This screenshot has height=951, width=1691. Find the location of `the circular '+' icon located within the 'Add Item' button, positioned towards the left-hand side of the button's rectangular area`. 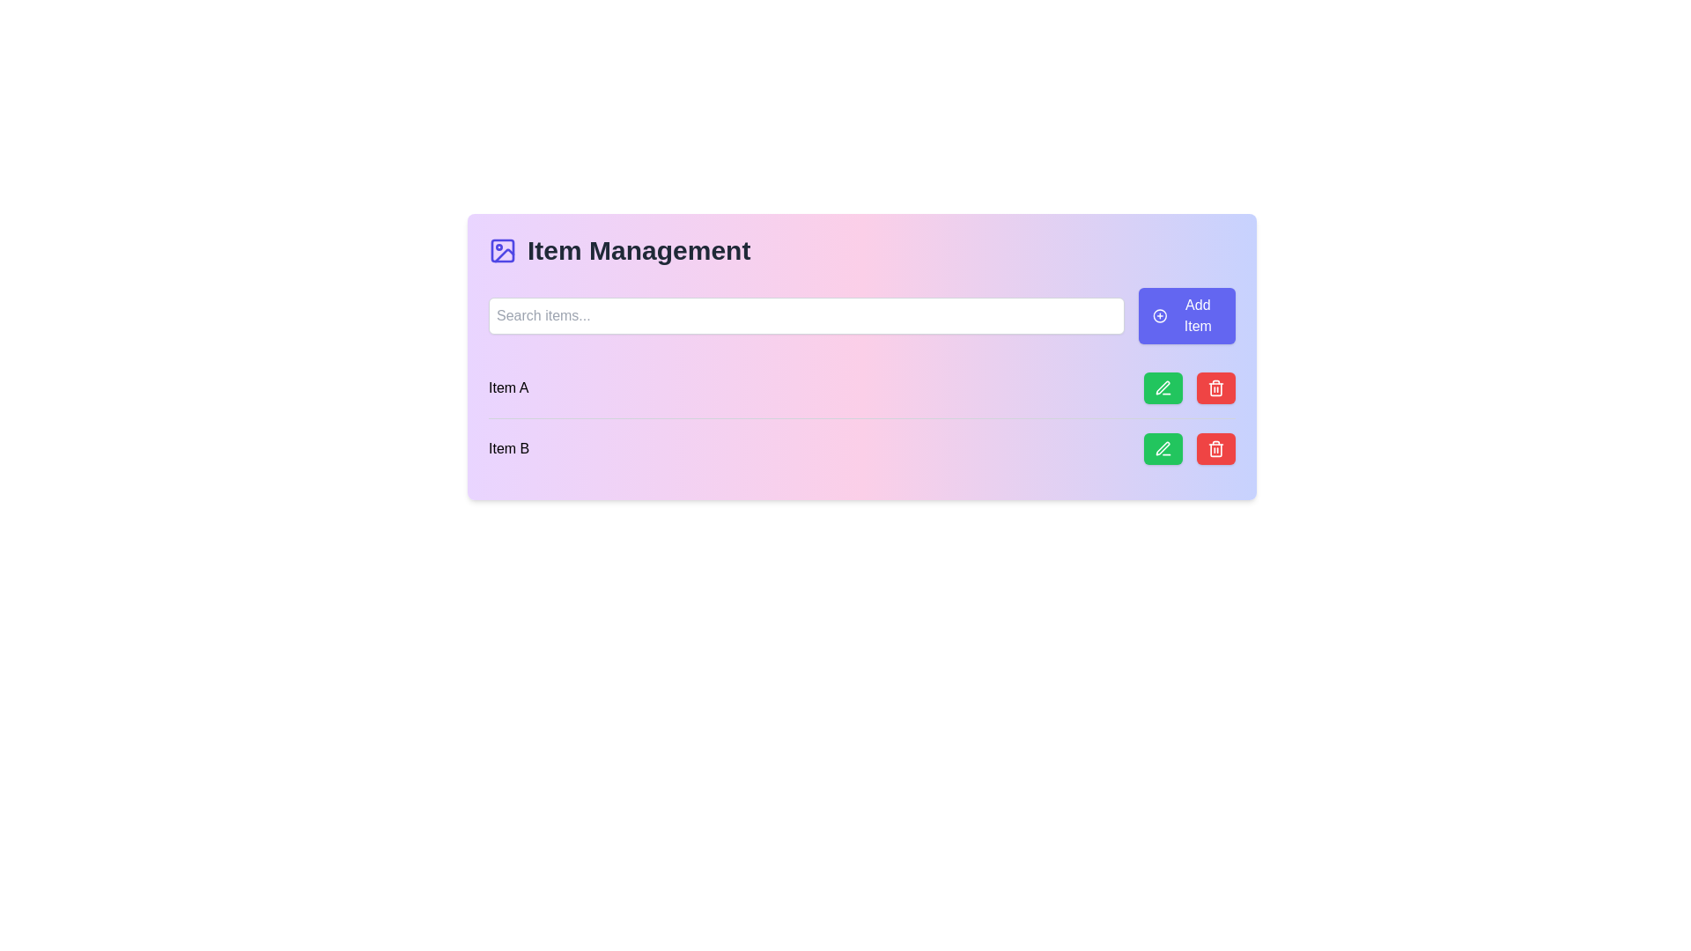

the circular '+' icon located within the 'Add Item' button, positioned towards the left-hand side of the button's rectangular area is located at coordinates (1160, 314).